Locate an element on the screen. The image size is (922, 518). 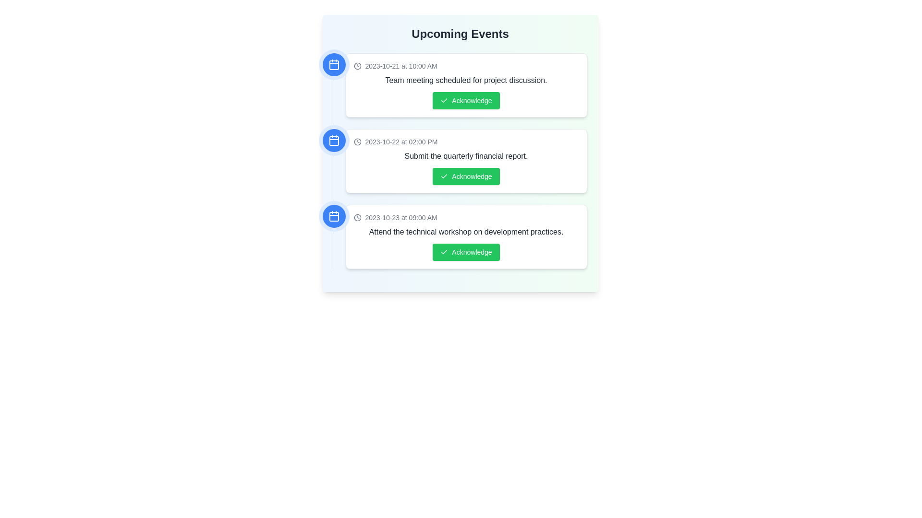
the 'Acknowledge' button for the event '2023-10-23 at 09:00 AM' is located at coordinates (466, 251).